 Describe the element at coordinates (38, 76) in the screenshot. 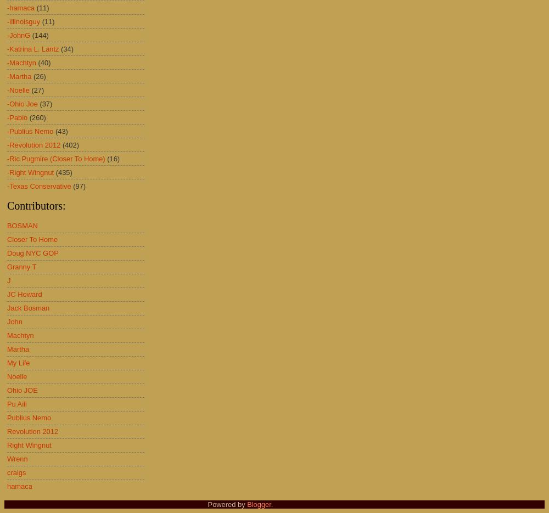

I see `'(26)'` at that location.